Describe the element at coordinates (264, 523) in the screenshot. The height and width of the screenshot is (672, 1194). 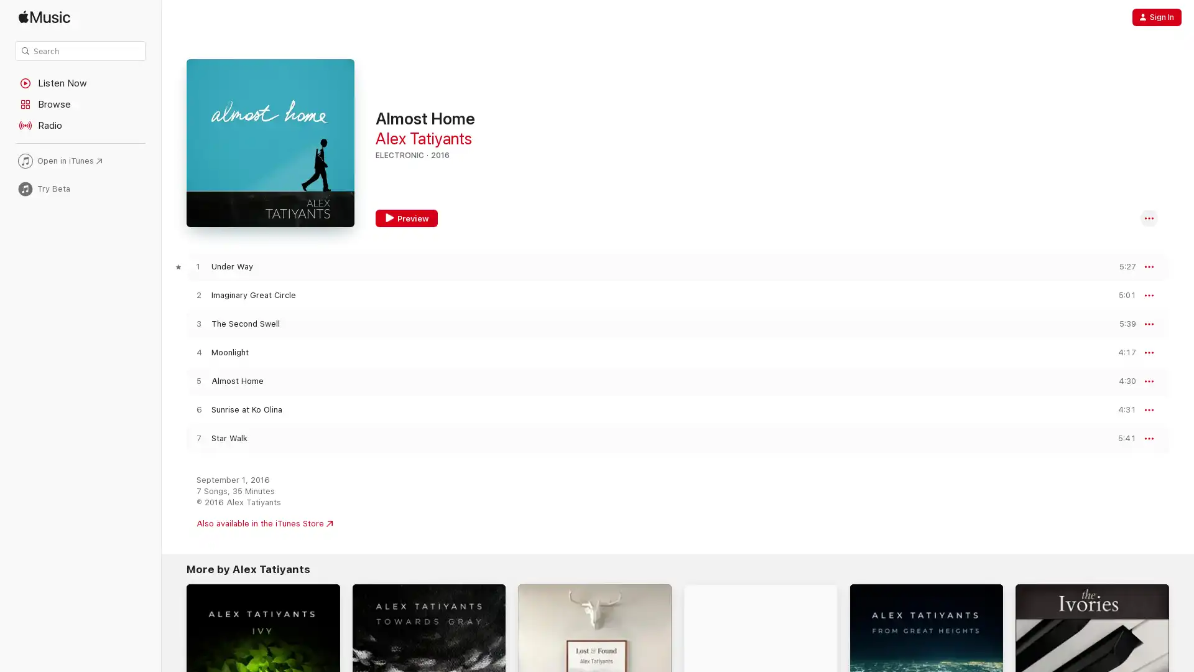
I see `Also available in the iTunes Store` at that location.